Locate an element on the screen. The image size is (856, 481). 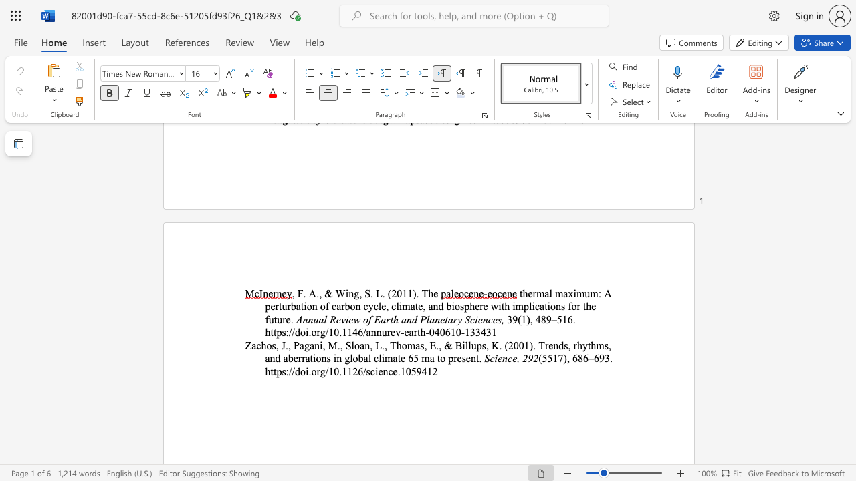
the subset text "ps://doi.org/10.1126/science.1059412" within the text "(5517), 686–693. https://doi.org/10.1126/science.1059412" is located at coordinates (276, 371).